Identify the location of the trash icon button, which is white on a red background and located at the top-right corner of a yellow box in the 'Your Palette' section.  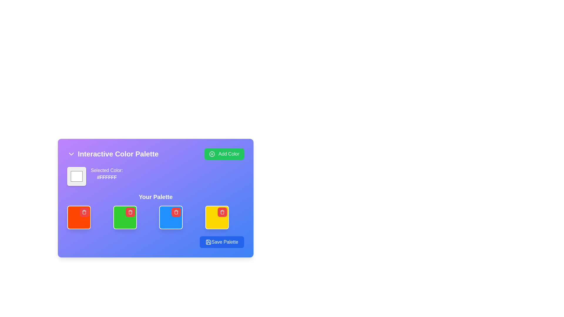
(222, 212).